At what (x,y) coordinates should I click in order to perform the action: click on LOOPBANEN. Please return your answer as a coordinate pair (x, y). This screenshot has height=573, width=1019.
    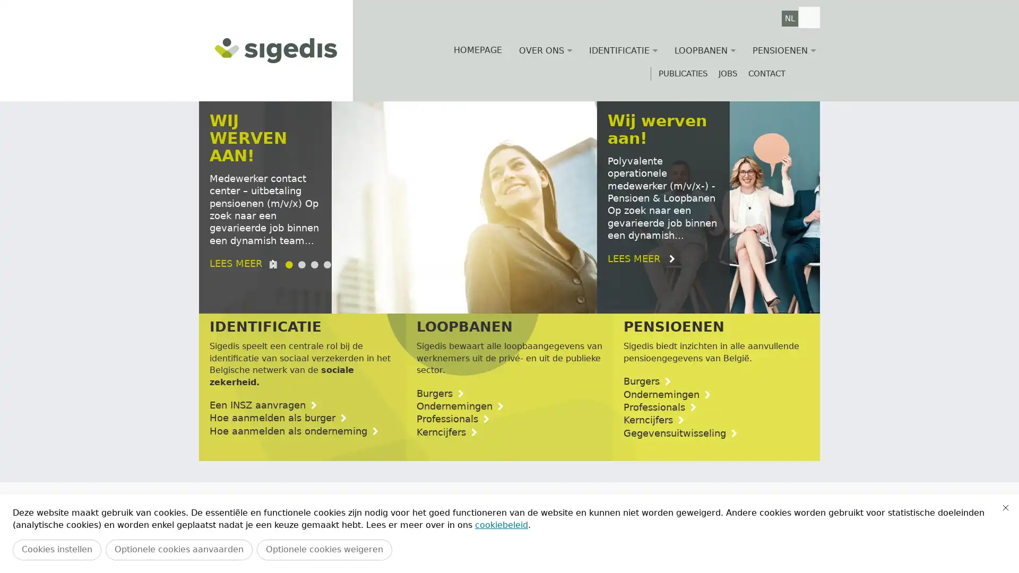
    Looking at the image, I should click on (705, 50).